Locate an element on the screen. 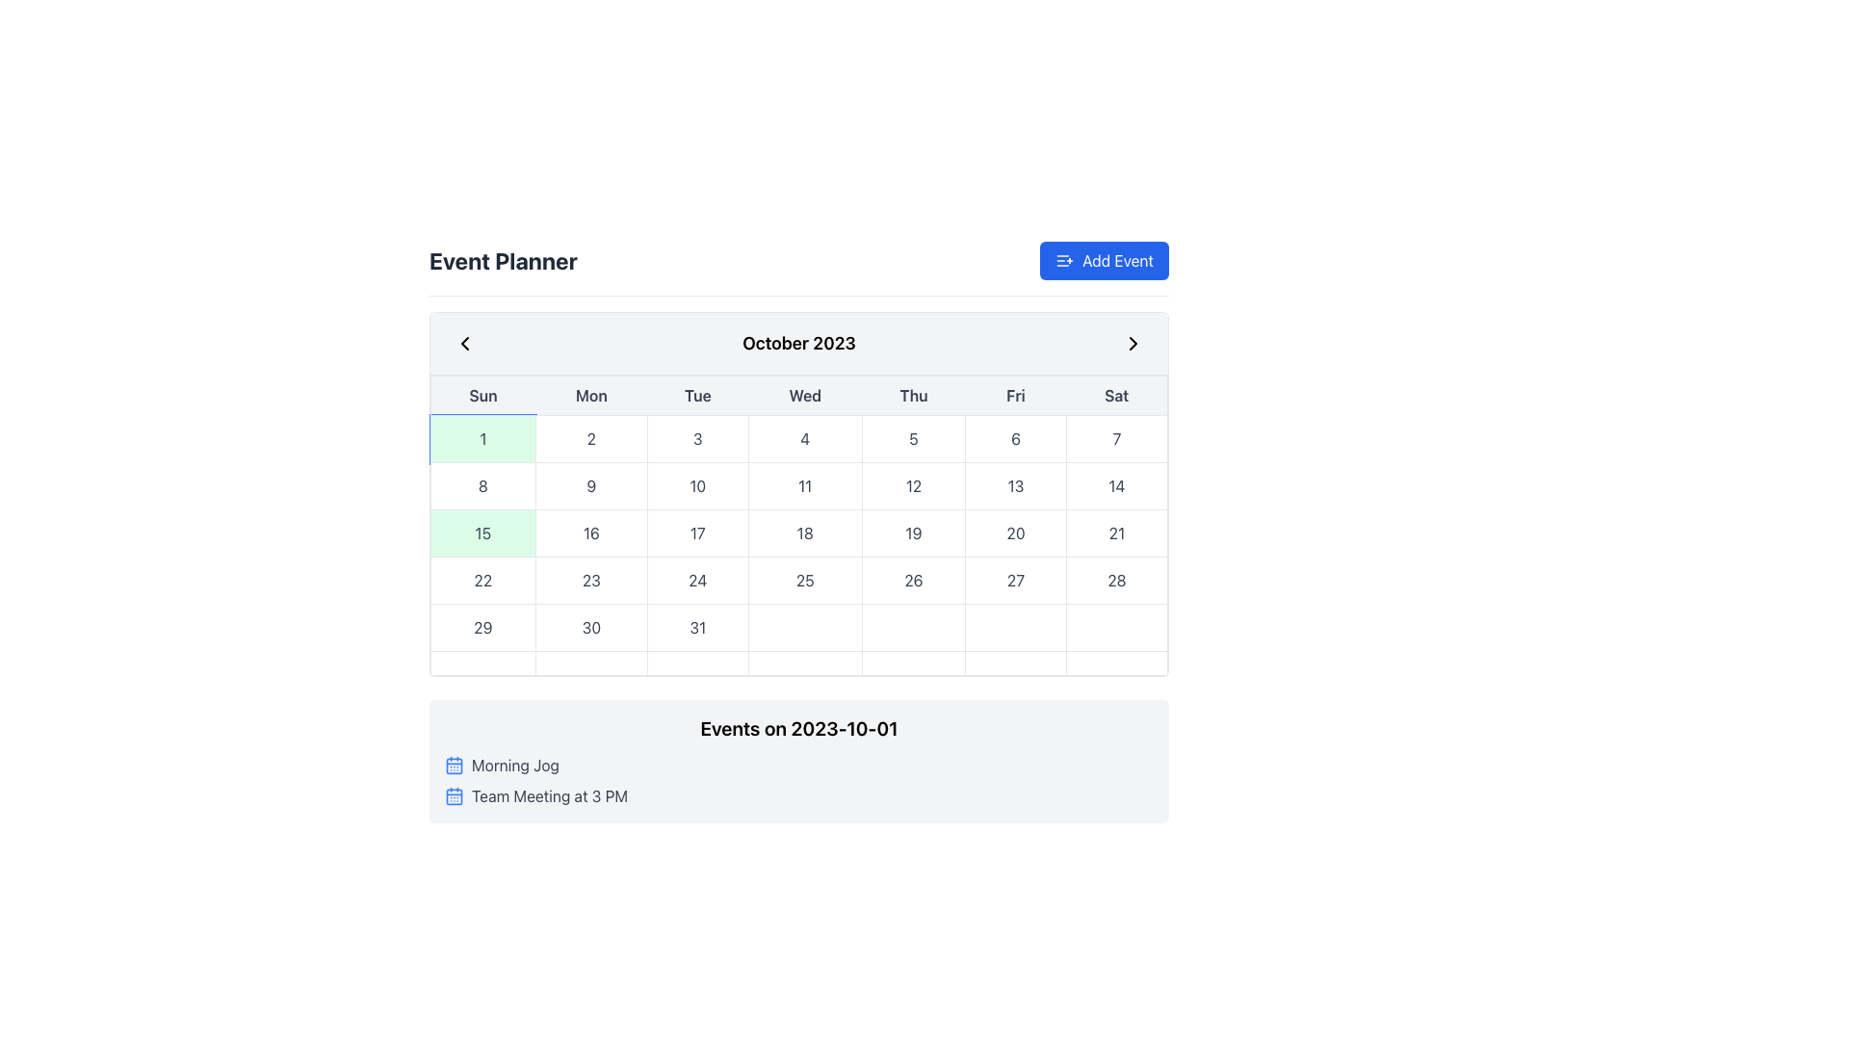 The height and width of the screenshot is (1040, 1849). the clickable calendar cell displaying the number '19' located in the Friday column of the weekly row is located at coordinates (913, 533).